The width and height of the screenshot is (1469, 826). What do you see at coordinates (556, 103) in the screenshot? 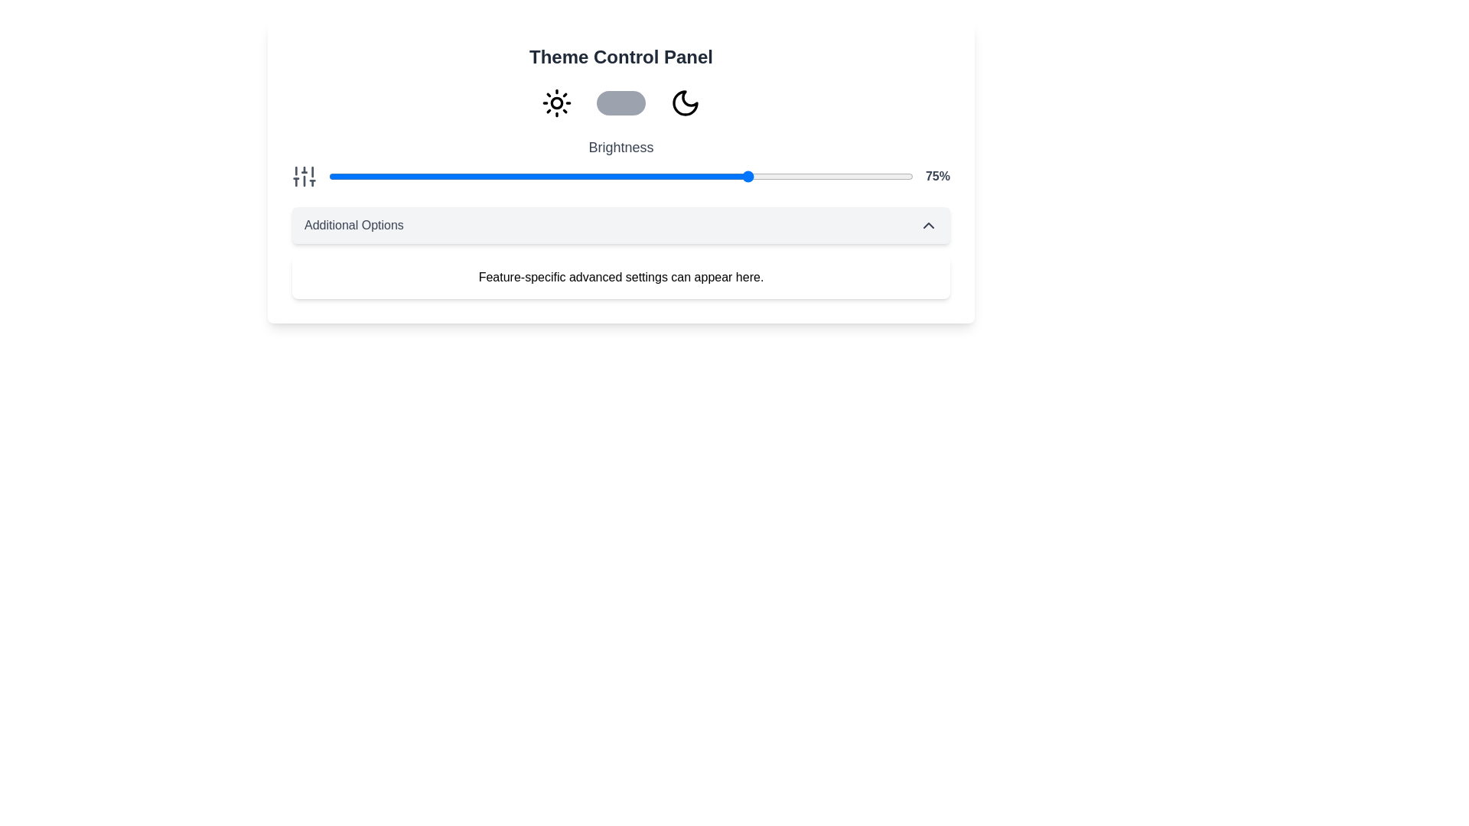
I see `the daylight or brightness mode icon located at the leftmost position in the horizontal group of items at the top of the control panel` at bounding box center [556, 103].